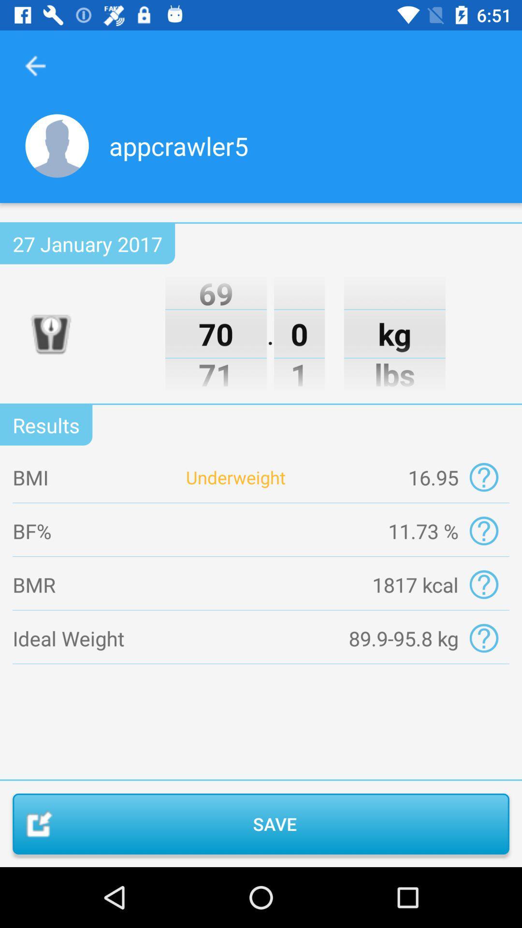  What do you see at coordinates (484, 477) in the screenshot?
I see `the help icon` at bounding box center [484, 477].